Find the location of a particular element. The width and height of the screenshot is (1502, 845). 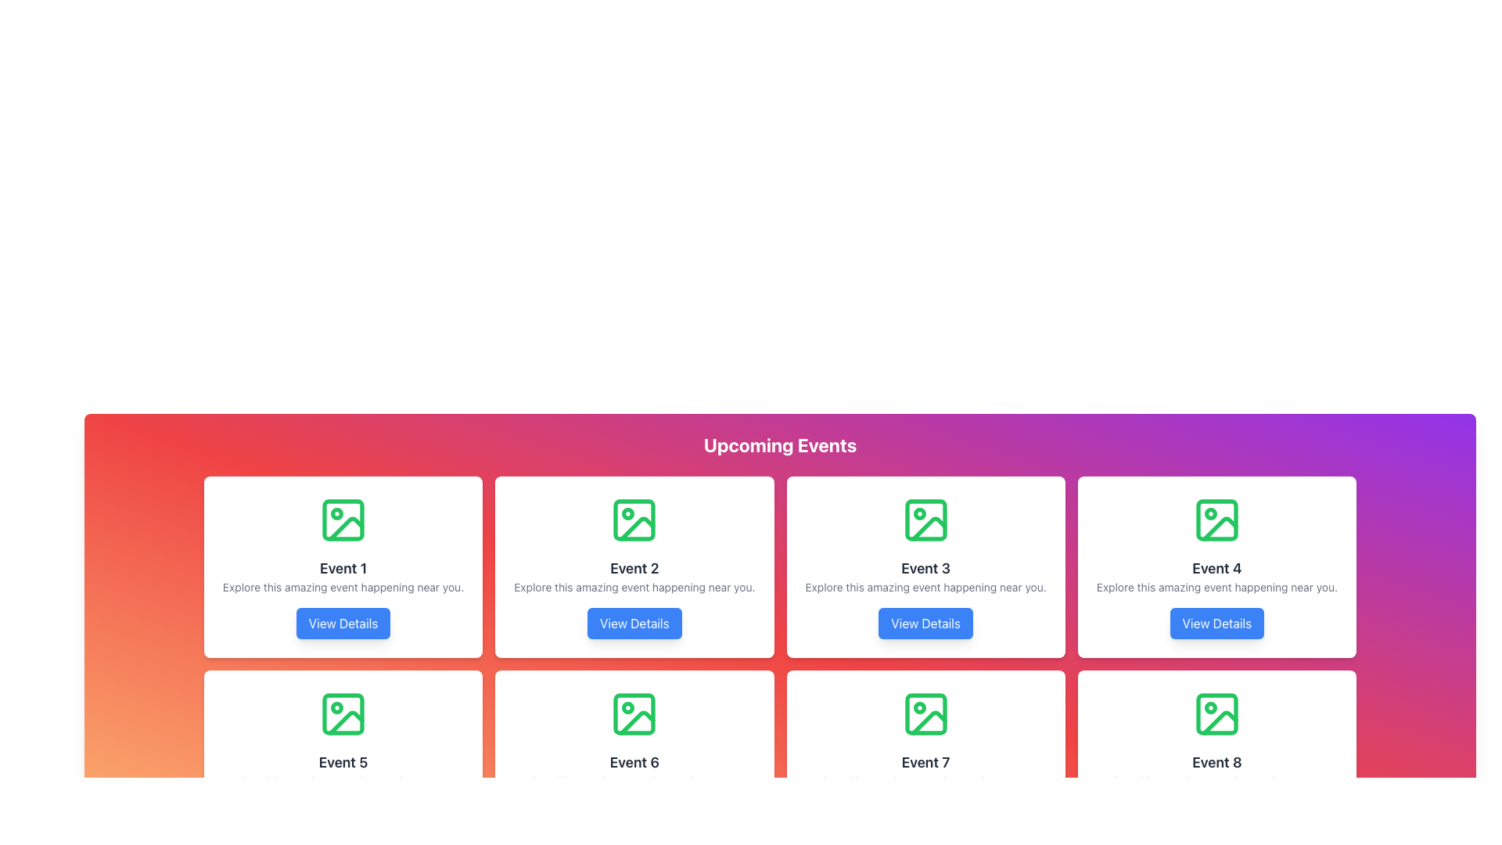

the icon representing the image placeholder for 'Event 7' located at the top center of the seventh event card in the grid is located at coordinates (925, 714).